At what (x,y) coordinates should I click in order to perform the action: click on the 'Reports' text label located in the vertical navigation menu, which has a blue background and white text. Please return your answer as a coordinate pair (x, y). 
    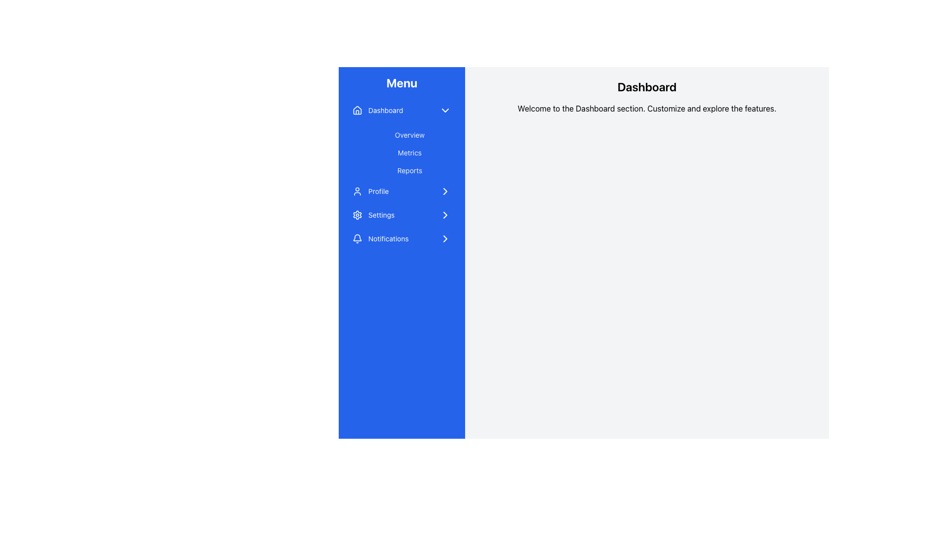
    Looking at the image, I should click on (410, 170).